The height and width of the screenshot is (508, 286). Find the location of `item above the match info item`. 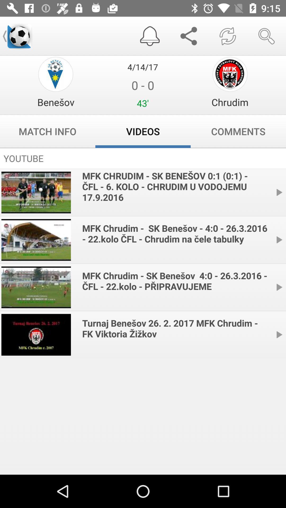

item above the match info item is located at coordinates (56, 102).